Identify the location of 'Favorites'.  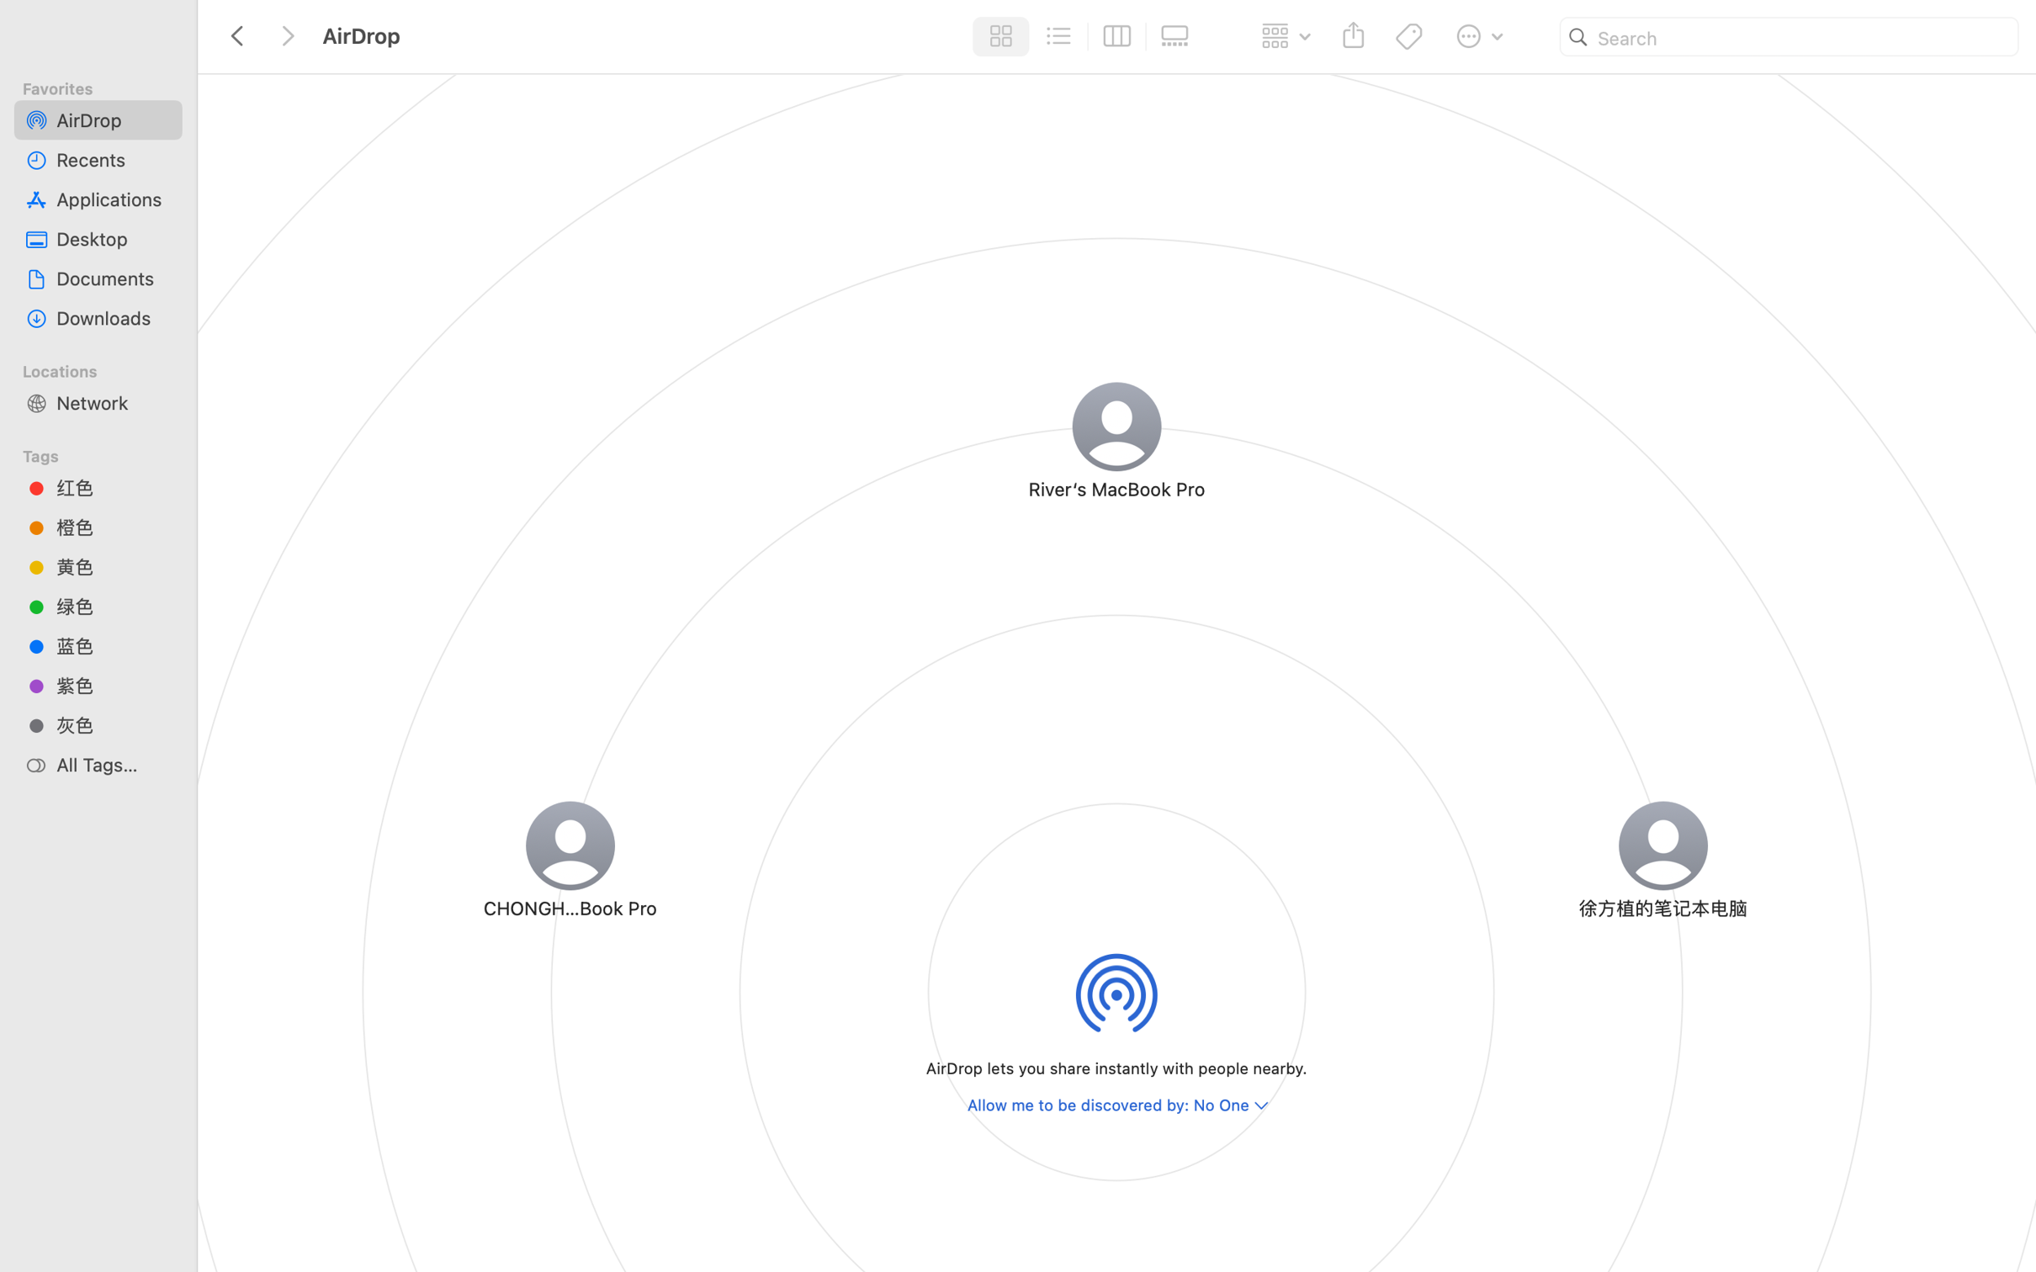
(105, 86).